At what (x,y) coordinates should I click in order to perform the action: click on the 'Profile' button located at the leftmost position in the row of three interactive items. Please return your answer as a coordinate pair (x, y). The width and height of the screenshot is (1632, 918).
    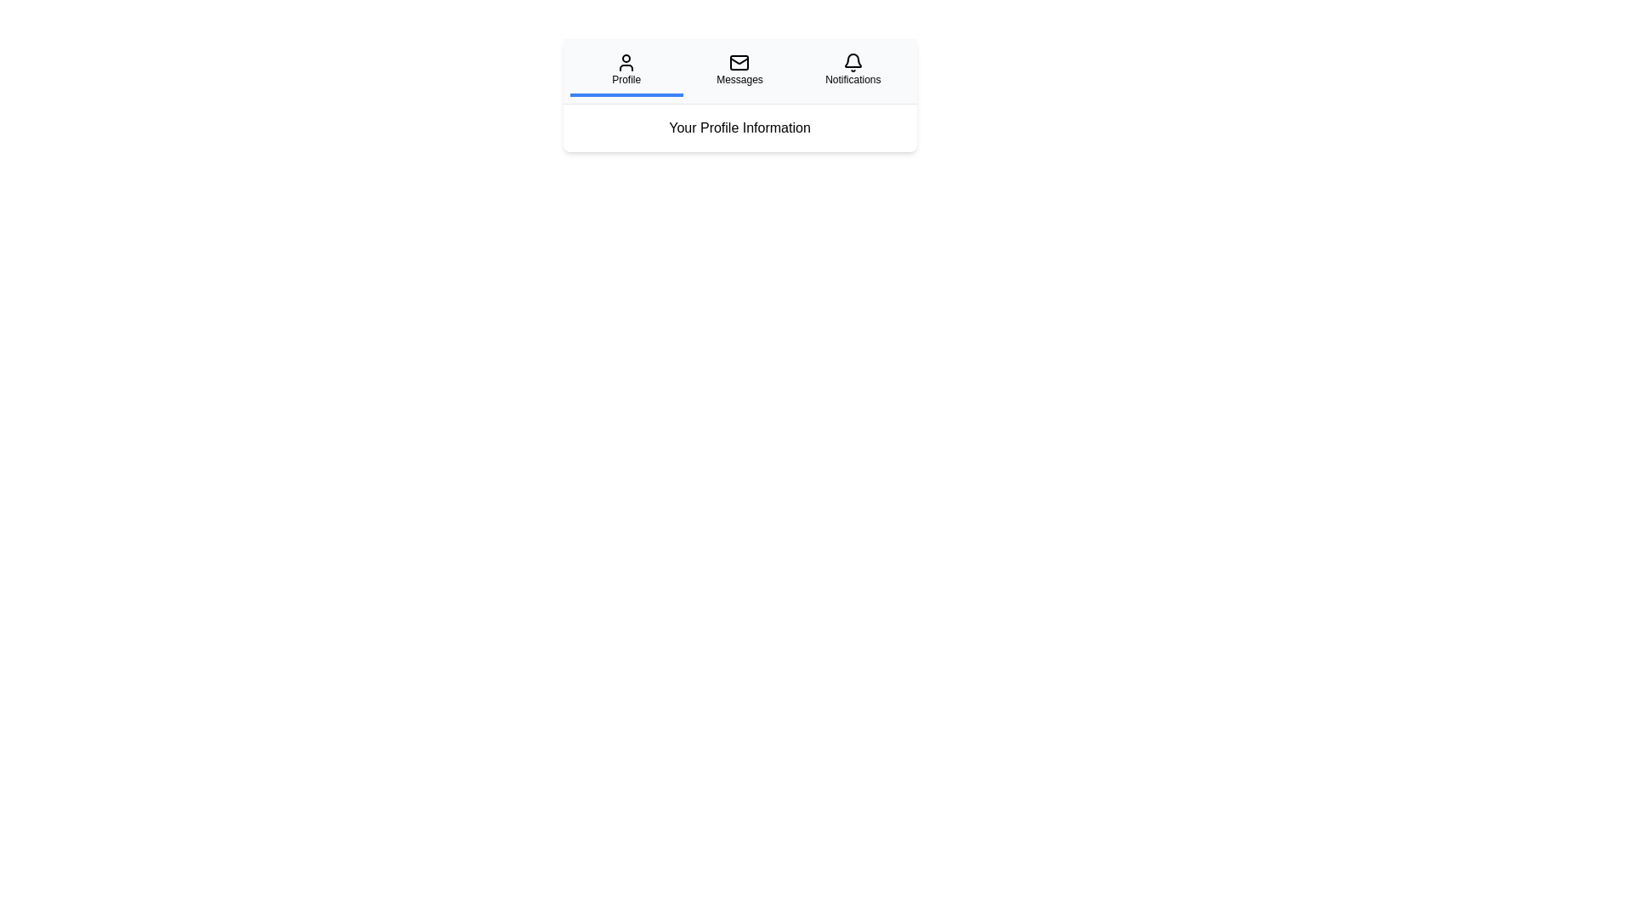
    Looking at the image, I should click on (626, 71).